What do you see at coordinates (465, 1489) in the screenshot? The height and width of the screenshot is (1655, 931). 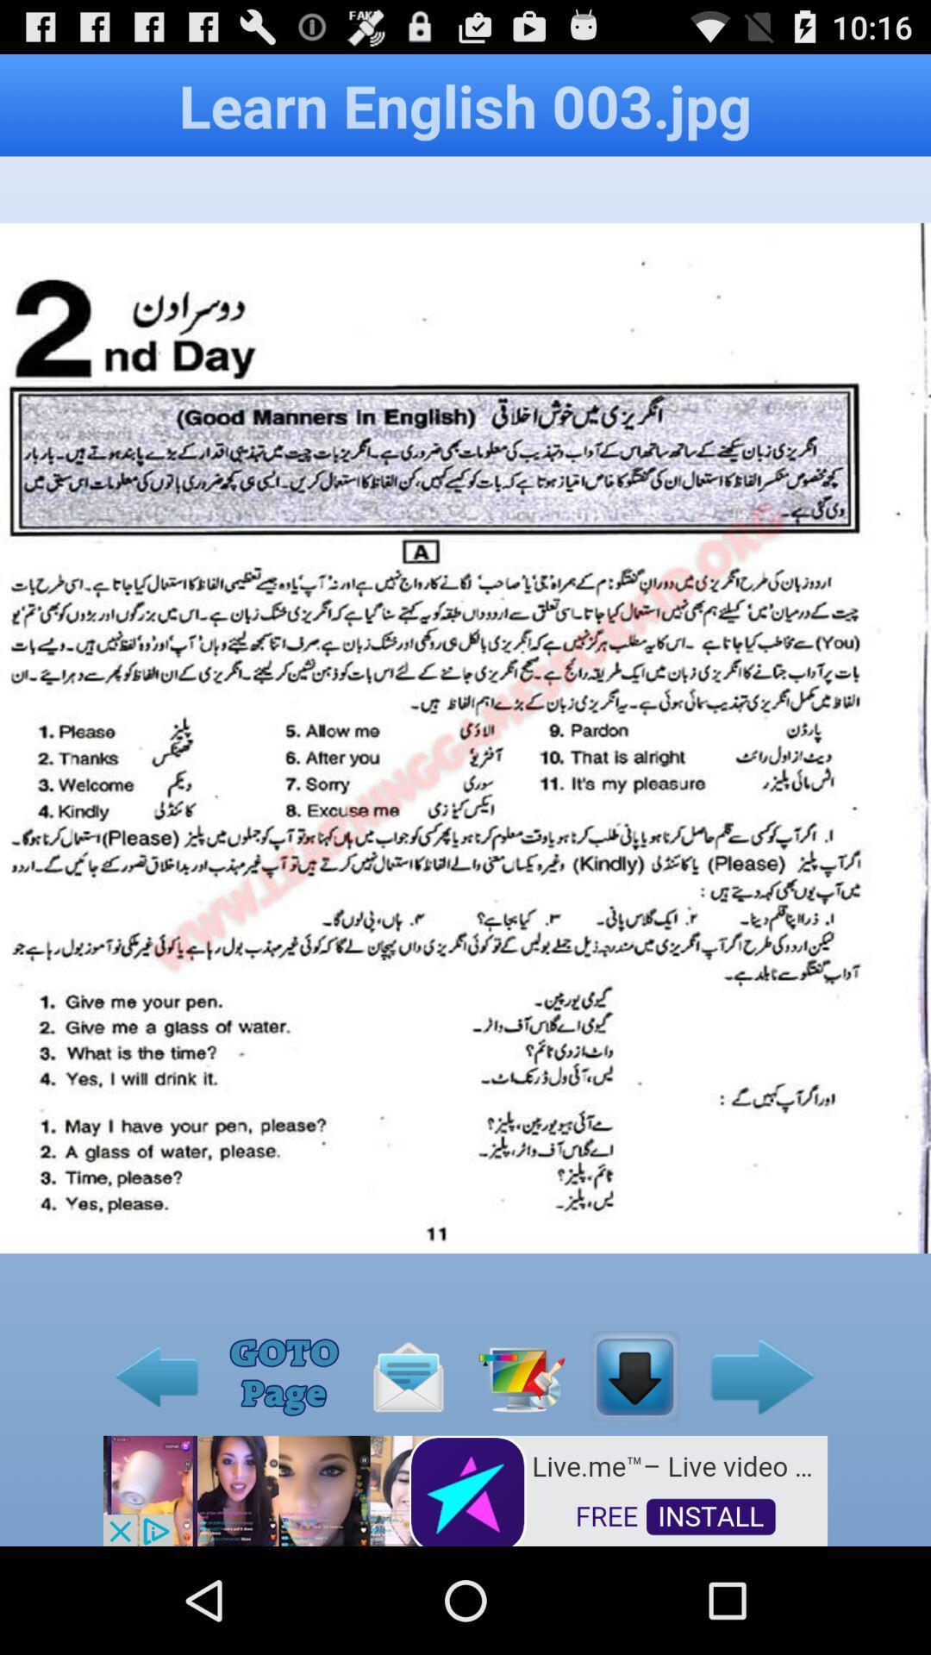 I see `open advertisement` at bounding box center [465, 1489].